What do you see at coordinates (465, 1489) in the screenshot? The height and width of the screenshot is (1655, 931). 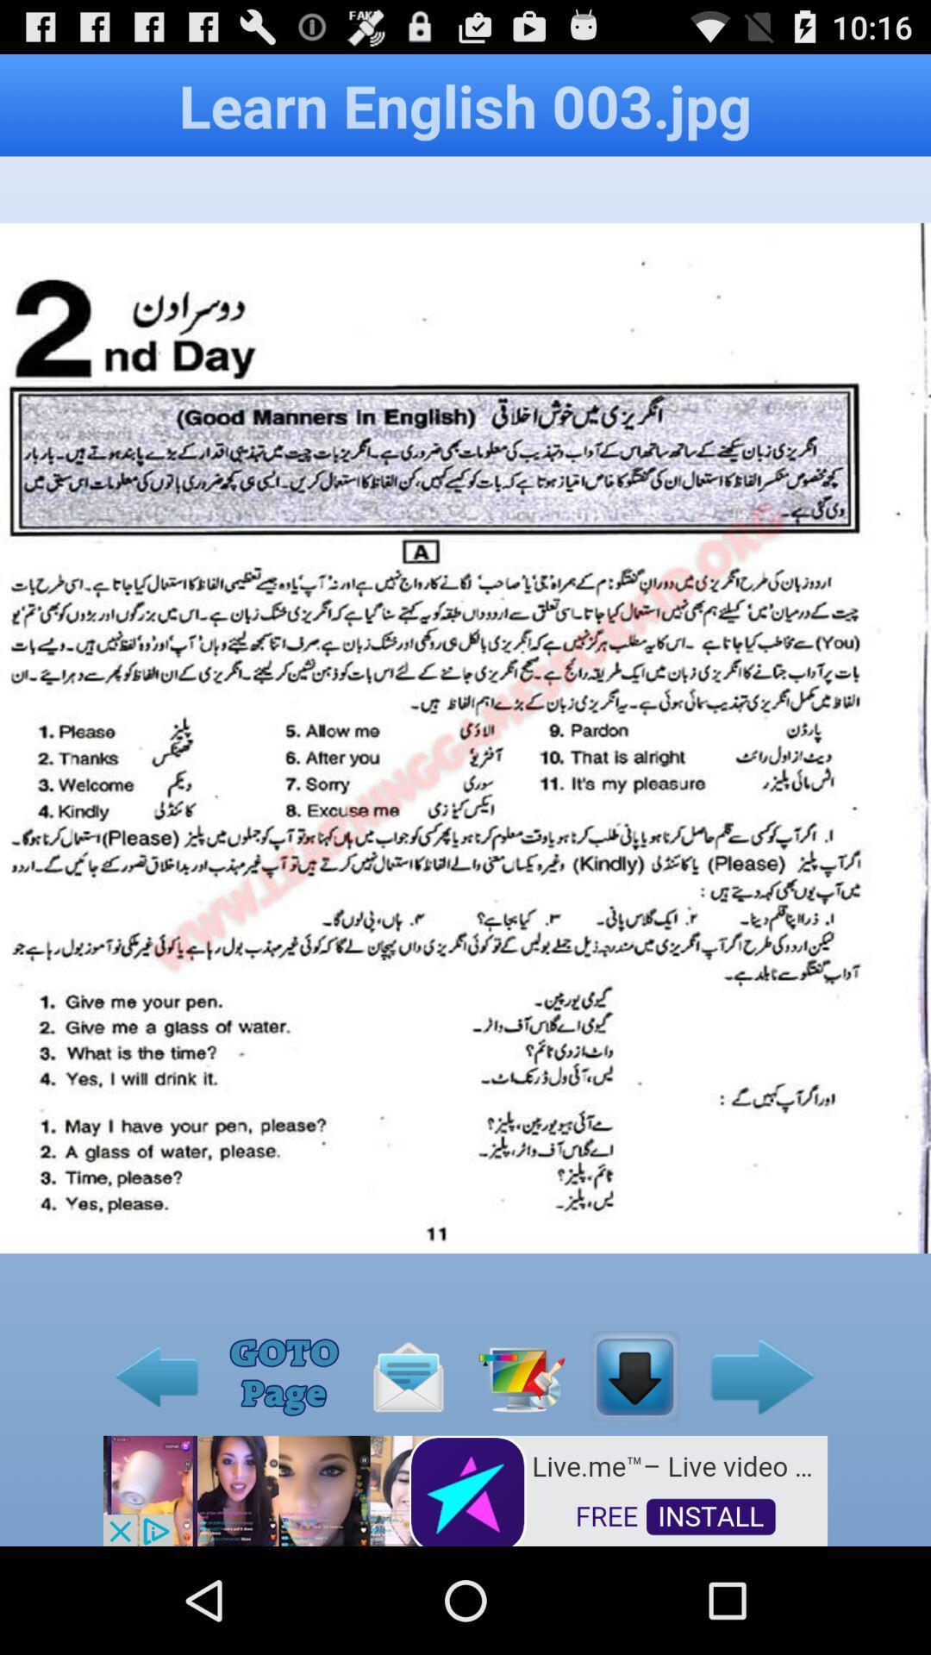 I see `open advertisement` at bounding box center [465, 1489].